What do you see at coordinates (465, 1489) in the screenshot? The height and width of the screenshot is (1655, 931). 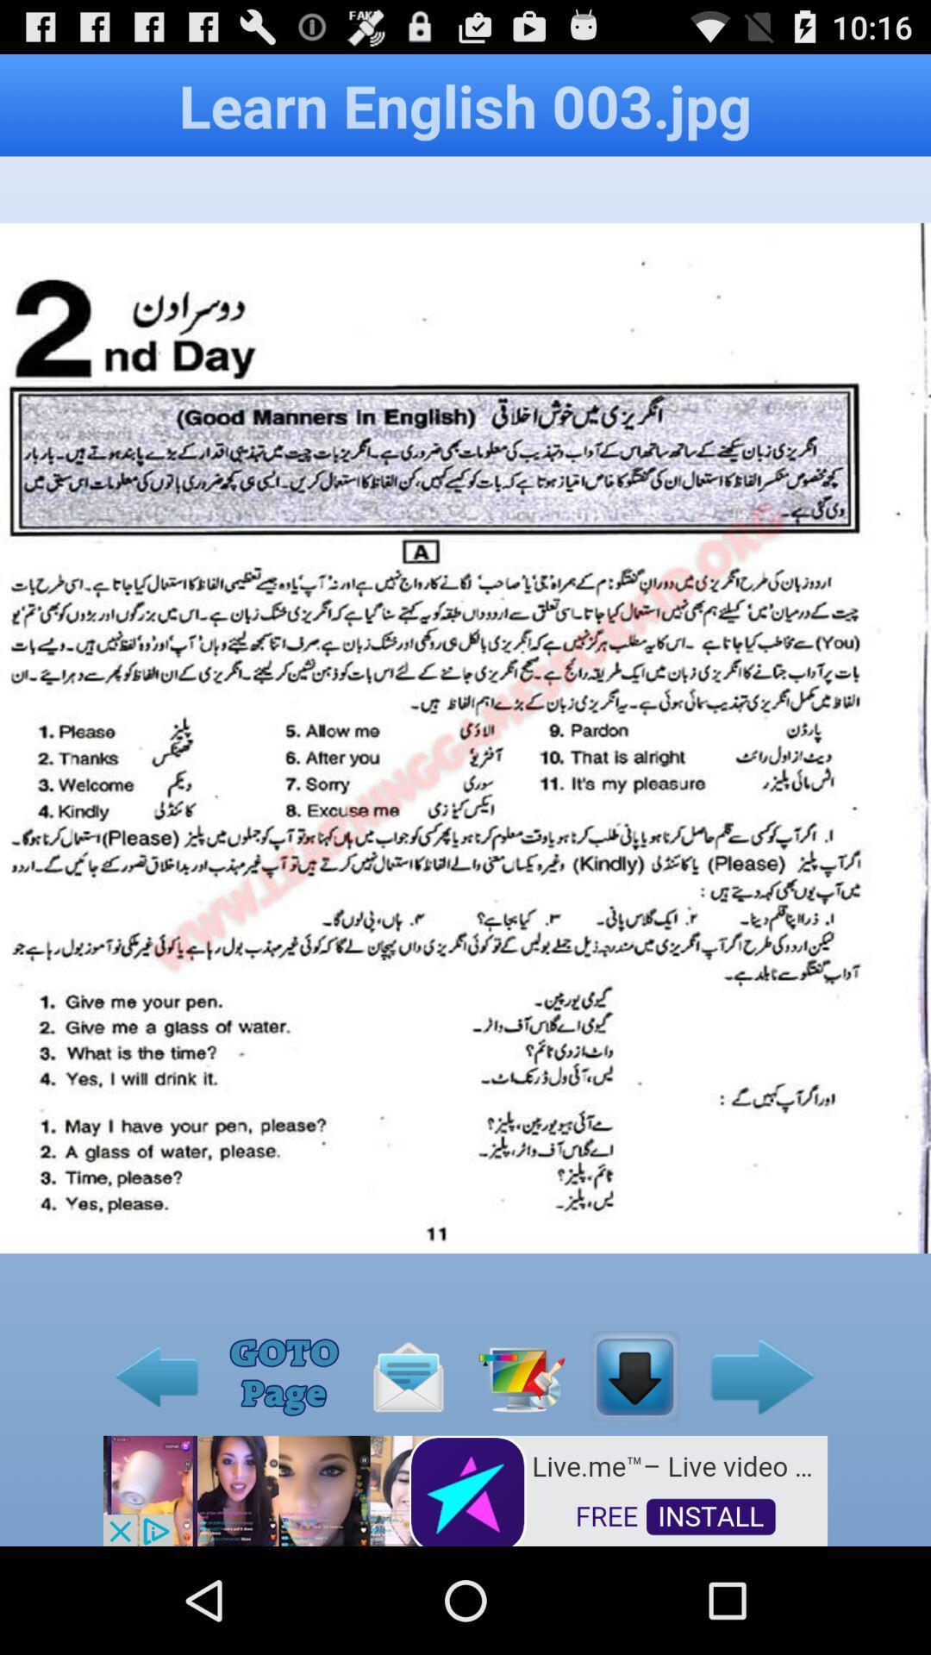 I see `open advertisement` at bounding box center [465, 1489].